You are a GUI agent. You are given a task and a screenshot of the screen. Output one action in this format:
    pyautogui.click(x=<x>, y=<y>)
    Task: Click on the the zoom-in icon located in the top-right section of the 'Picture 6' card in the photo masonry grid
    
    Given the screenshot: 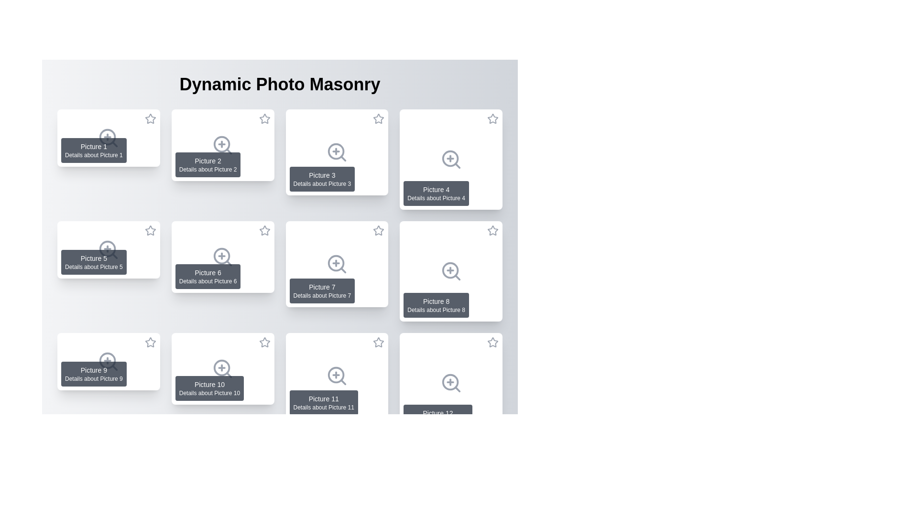 What is the action you would take?
    pyautogui.click(x=221, y=256)
    